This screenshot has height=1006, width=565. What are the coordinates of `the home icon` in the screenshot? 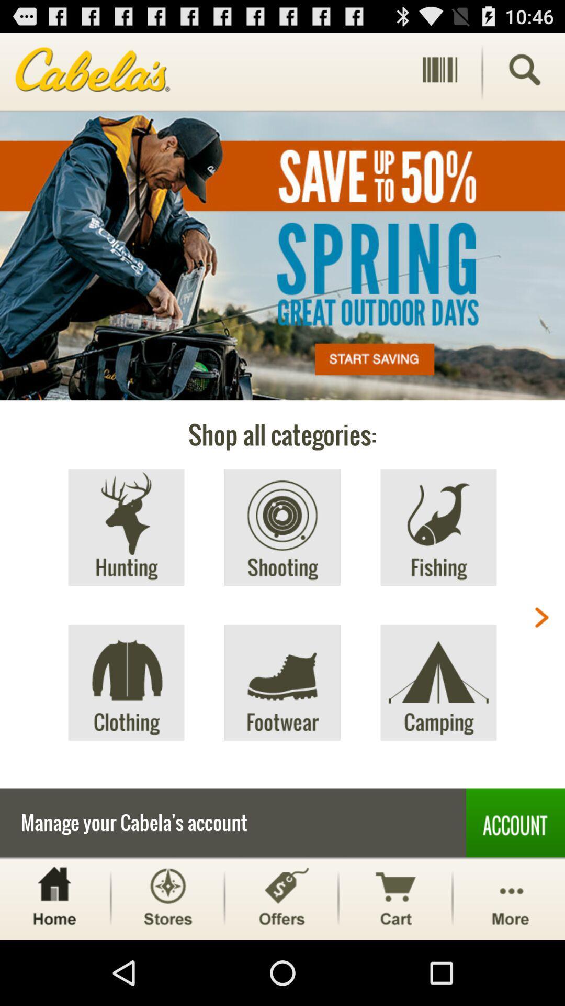 It's located at (54, 961).